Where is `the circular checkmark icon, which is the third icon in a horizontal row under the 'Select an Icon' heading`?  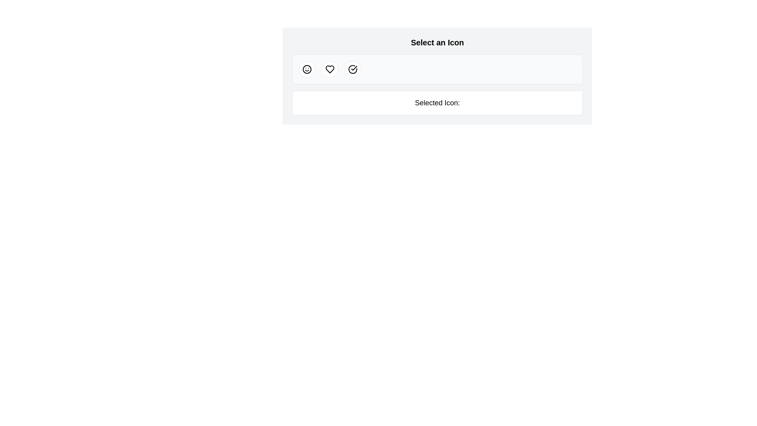
the circular checkmark icon, which is the third icon in a horizontal row under the 'Select an Icon' heading is located at coordinates (352, 69).